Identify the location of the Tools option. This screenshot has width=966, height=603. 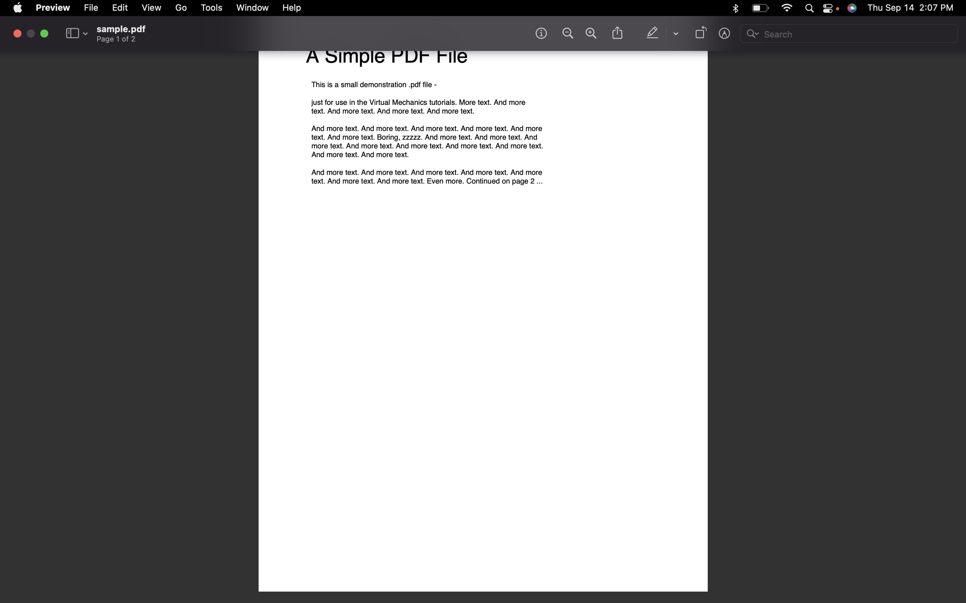
(212, 8).